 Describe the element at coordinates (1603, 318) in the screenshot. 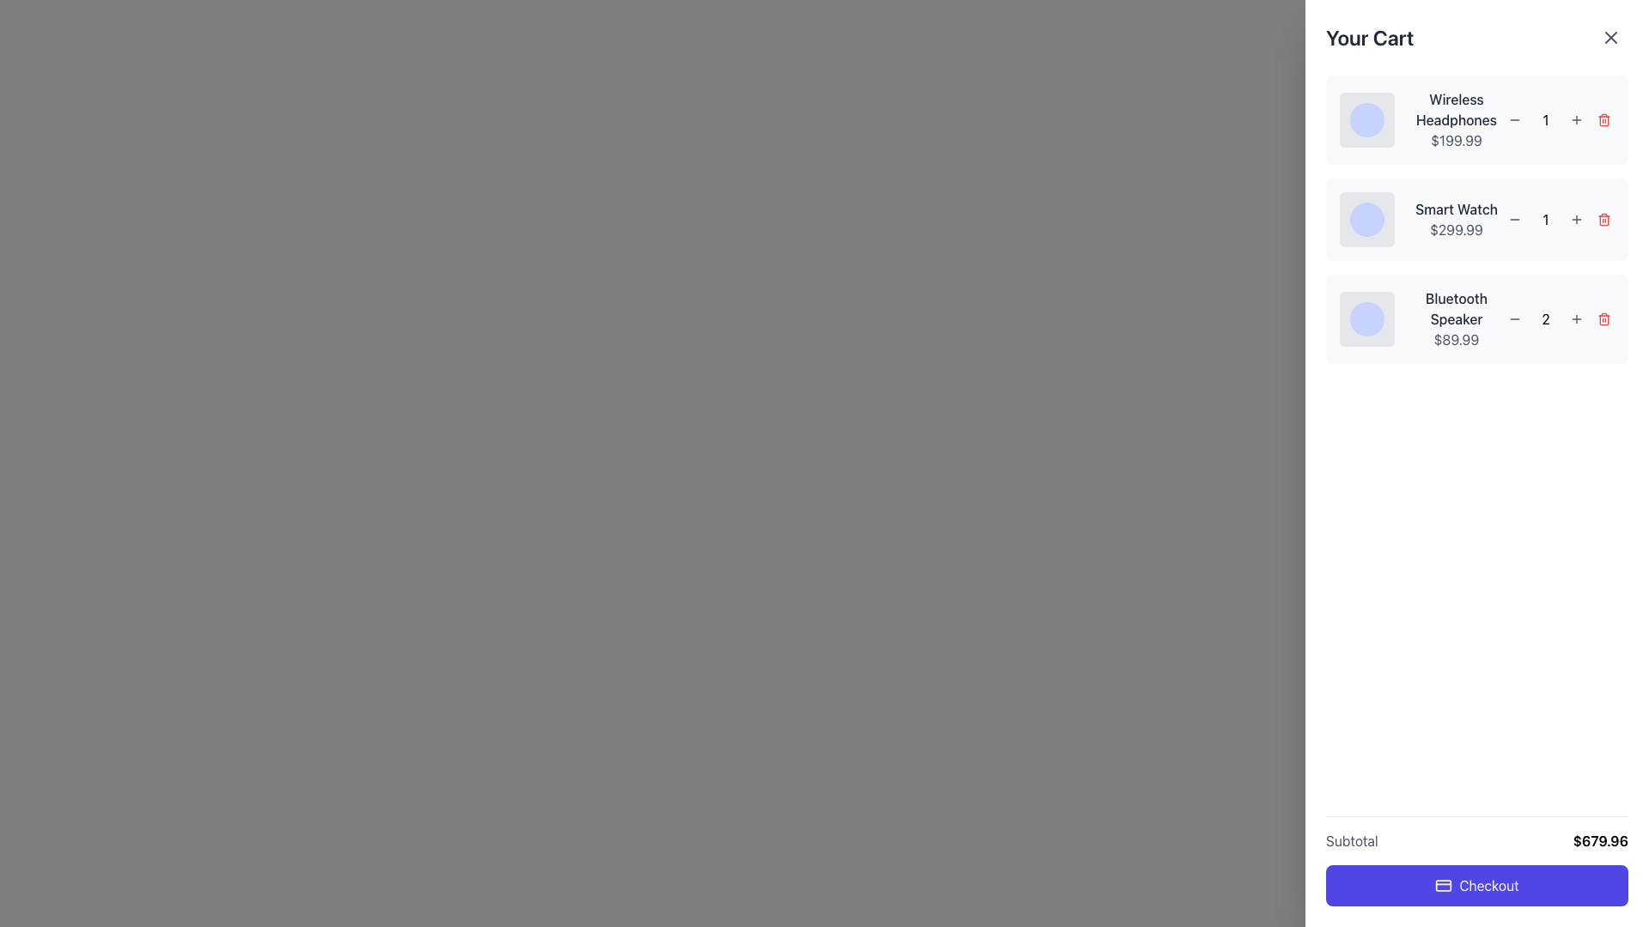

I see `the red trash bin icon within the button` at that location.